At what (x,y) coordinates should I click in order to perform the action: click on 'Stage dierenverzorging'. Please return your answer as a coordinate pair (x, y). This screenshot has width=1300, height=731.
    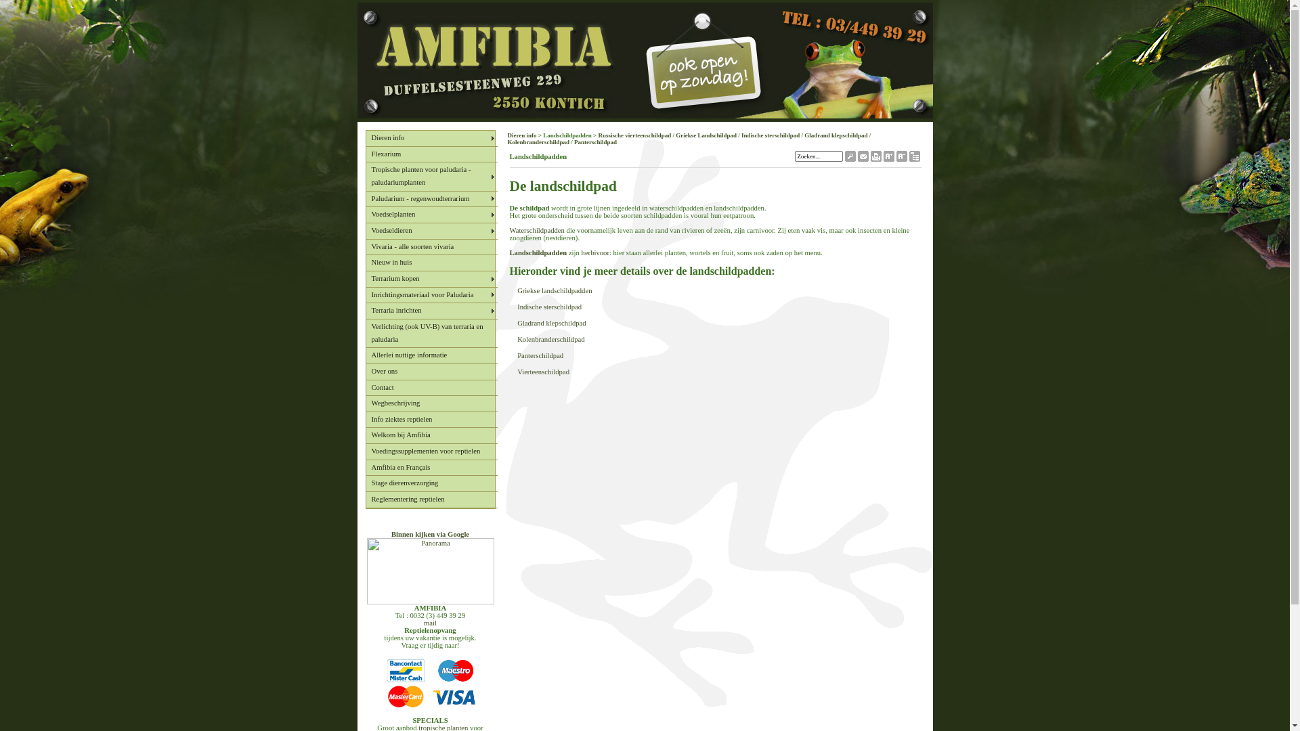
    Looking at the image, I should click on (431, 483).